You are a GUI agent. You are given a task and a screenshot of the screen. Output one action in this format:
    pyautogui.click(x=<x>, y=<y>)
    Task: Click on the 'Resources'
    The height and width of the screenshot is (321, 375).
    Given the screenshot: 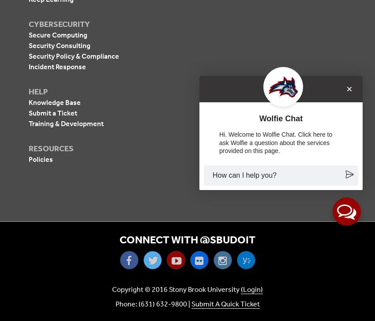 What is the action you would take?
    pyautogui.click(x=51, y=148)
    